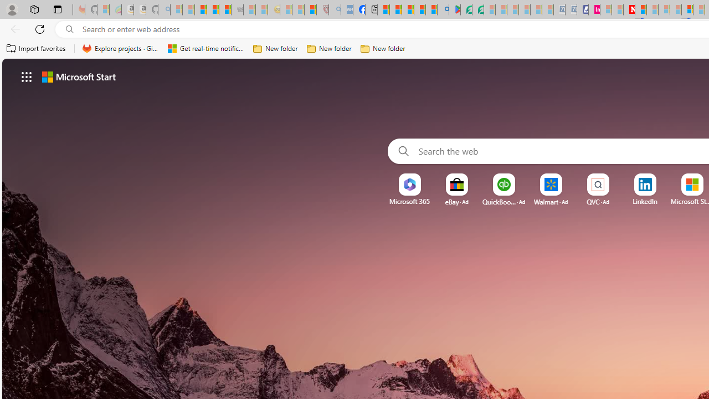  Describe the element at coordinates (69, 29) in the screenshot. I see `'Search icon'` at that location.